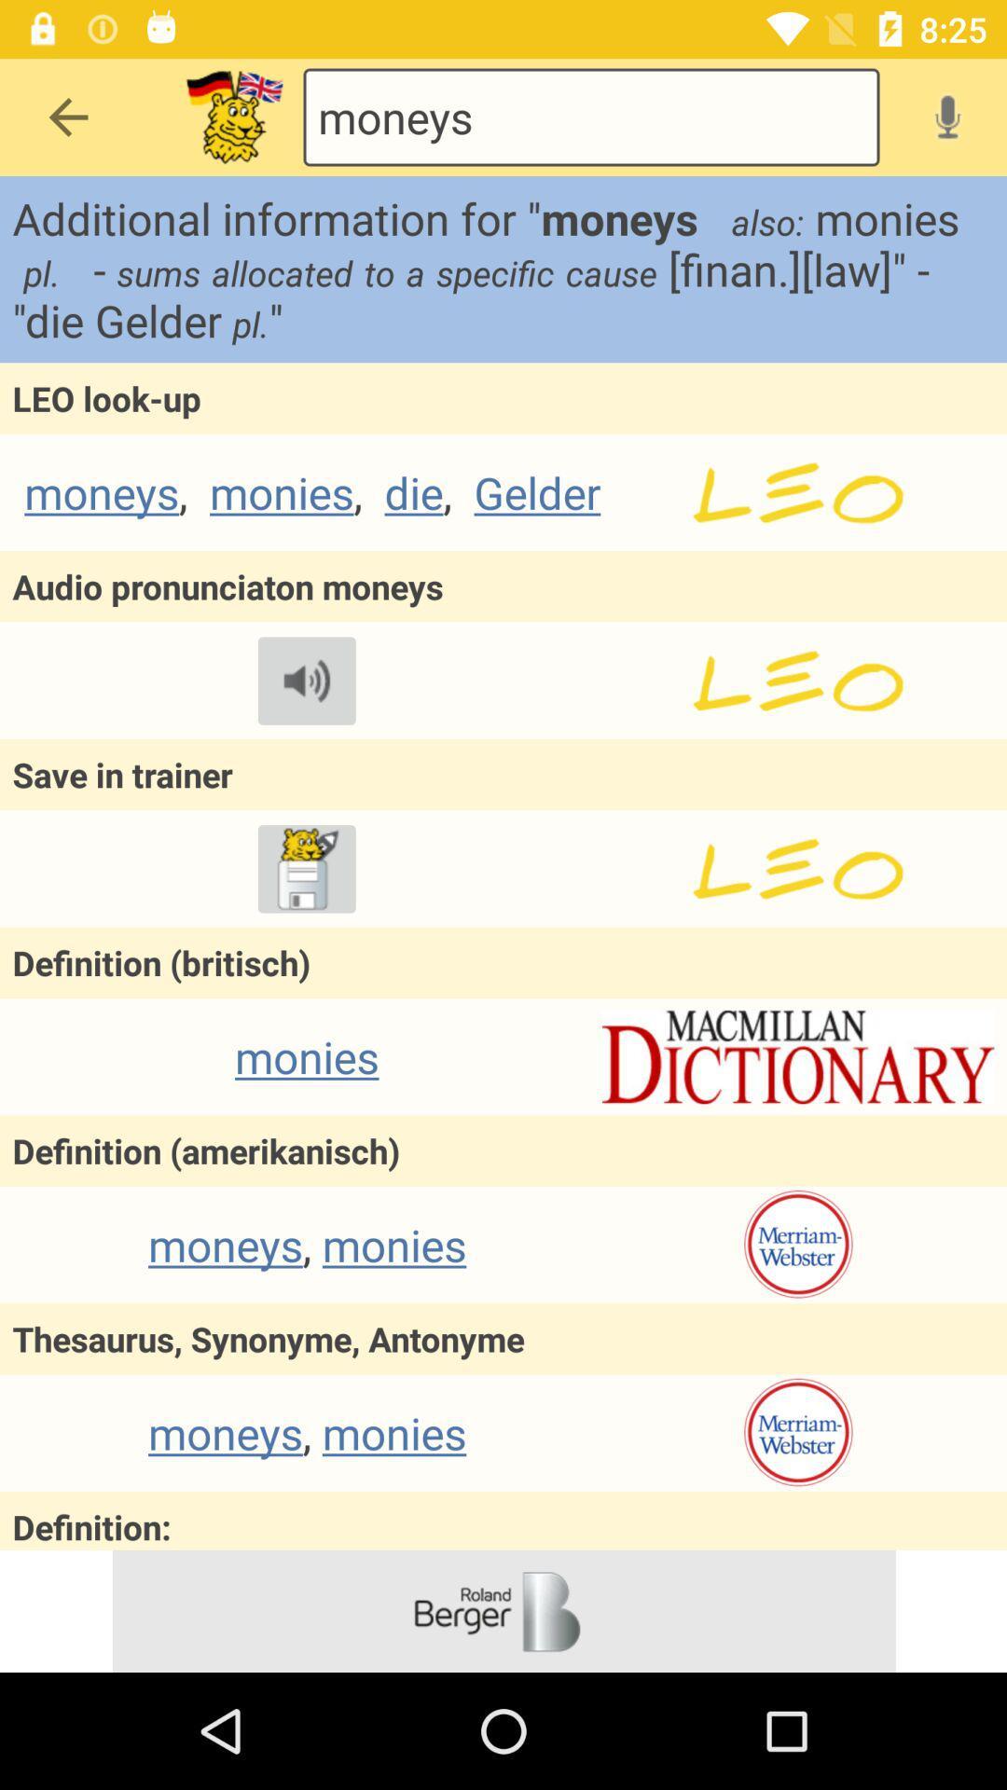 The image size is (1007, 1790). What do you see at coordinates (306, 868) in the screenshot?
I see `trainer option` at bounding box center [306, 868].